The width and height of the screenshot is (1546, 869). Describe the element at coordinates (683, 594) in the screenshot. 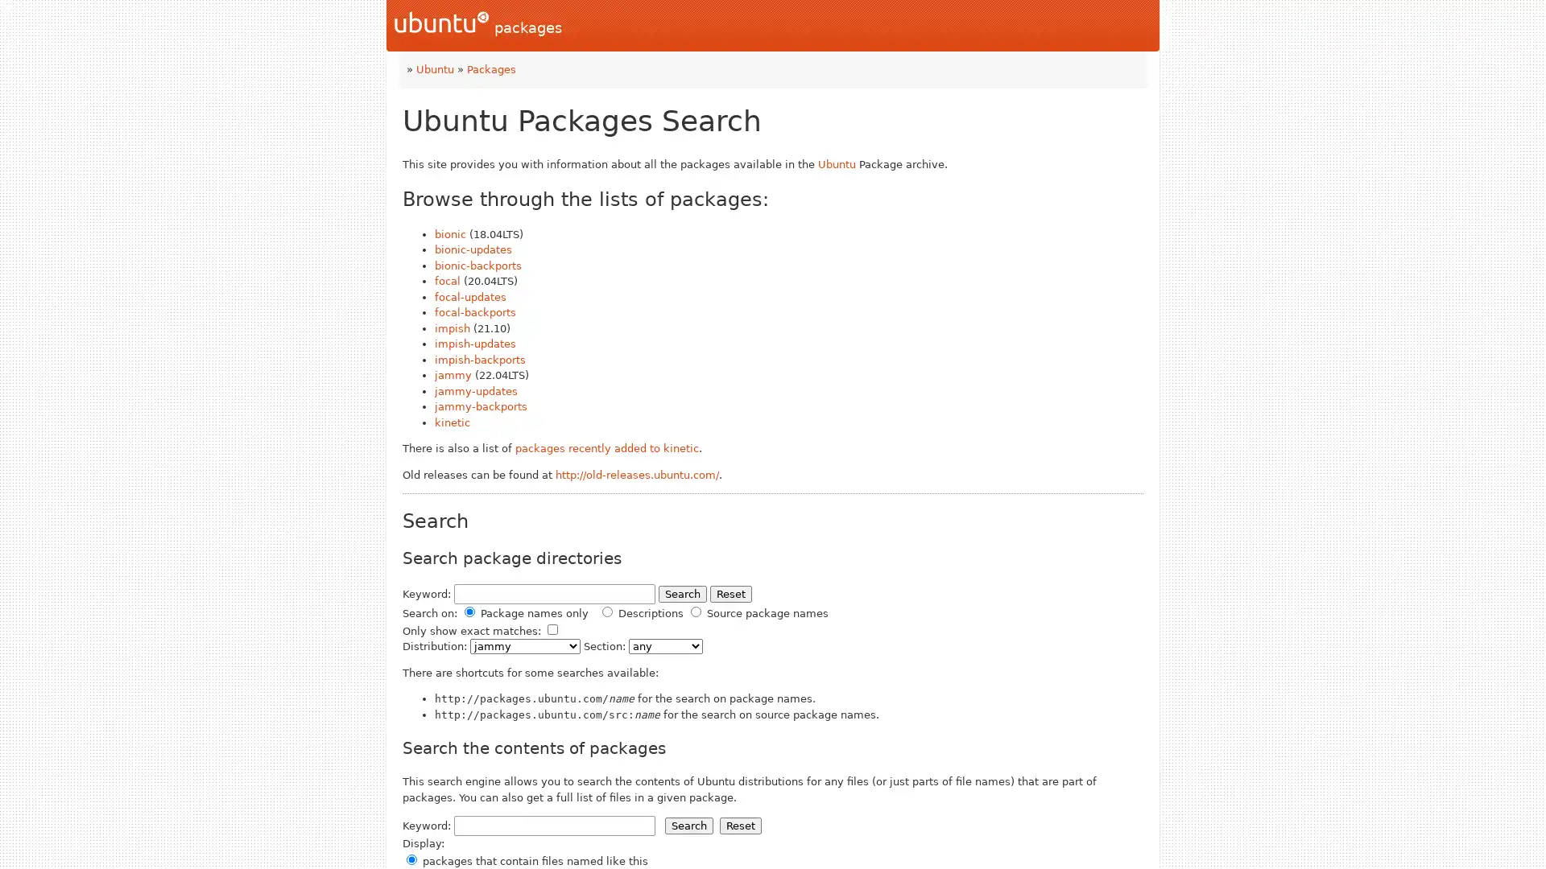

I see `Search` at that location.